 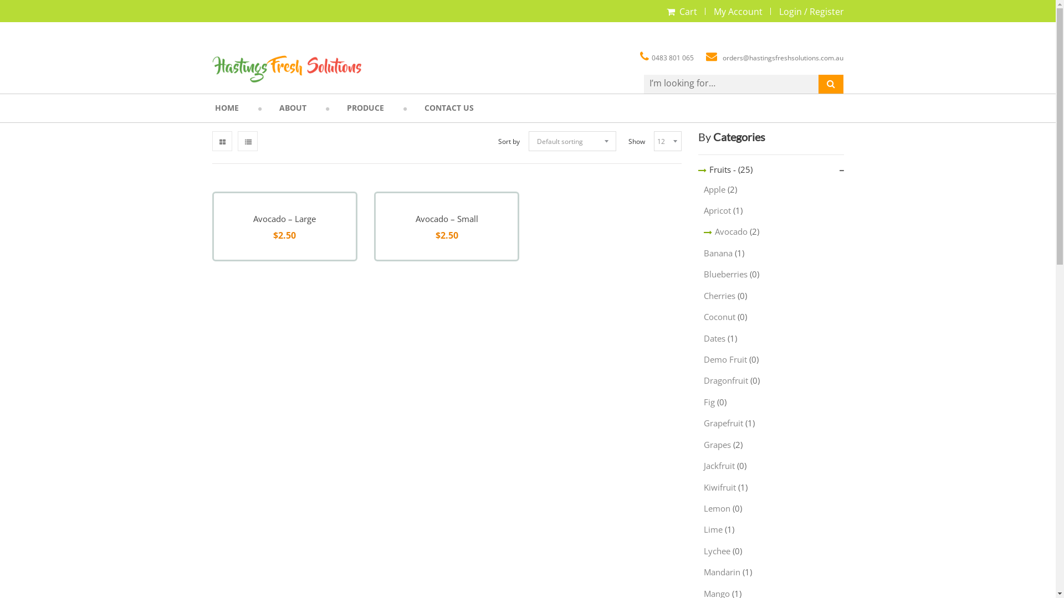 What do you see at coordinates (811, 11) in the screenshot?
I see `'Login / Register'` at bounding box center [811, 11].